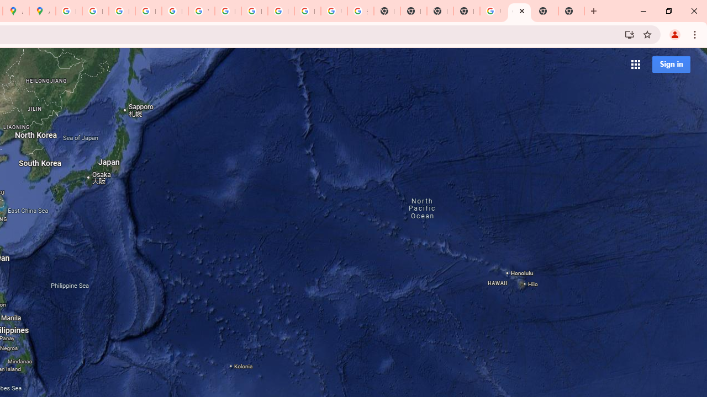  Describe the element at coordinates (629, 34) in the screenshot. I see `'Install Google Maps'` at that location.